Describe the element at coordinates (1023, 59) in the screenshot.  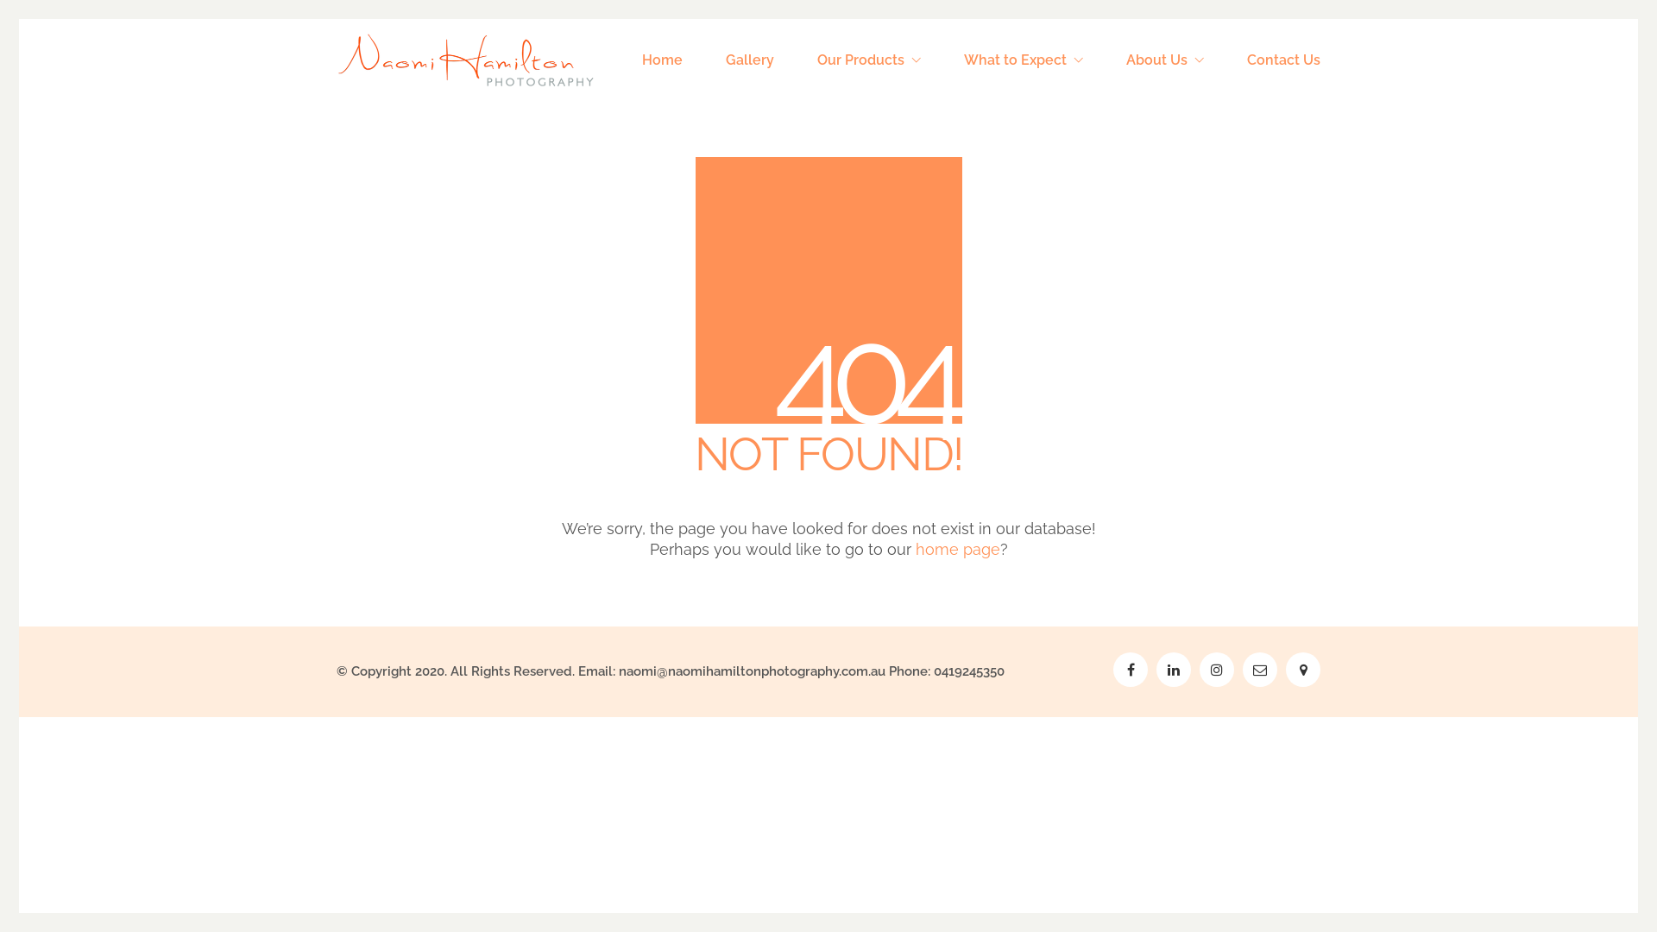
I see `'What to Expect'` at that location.